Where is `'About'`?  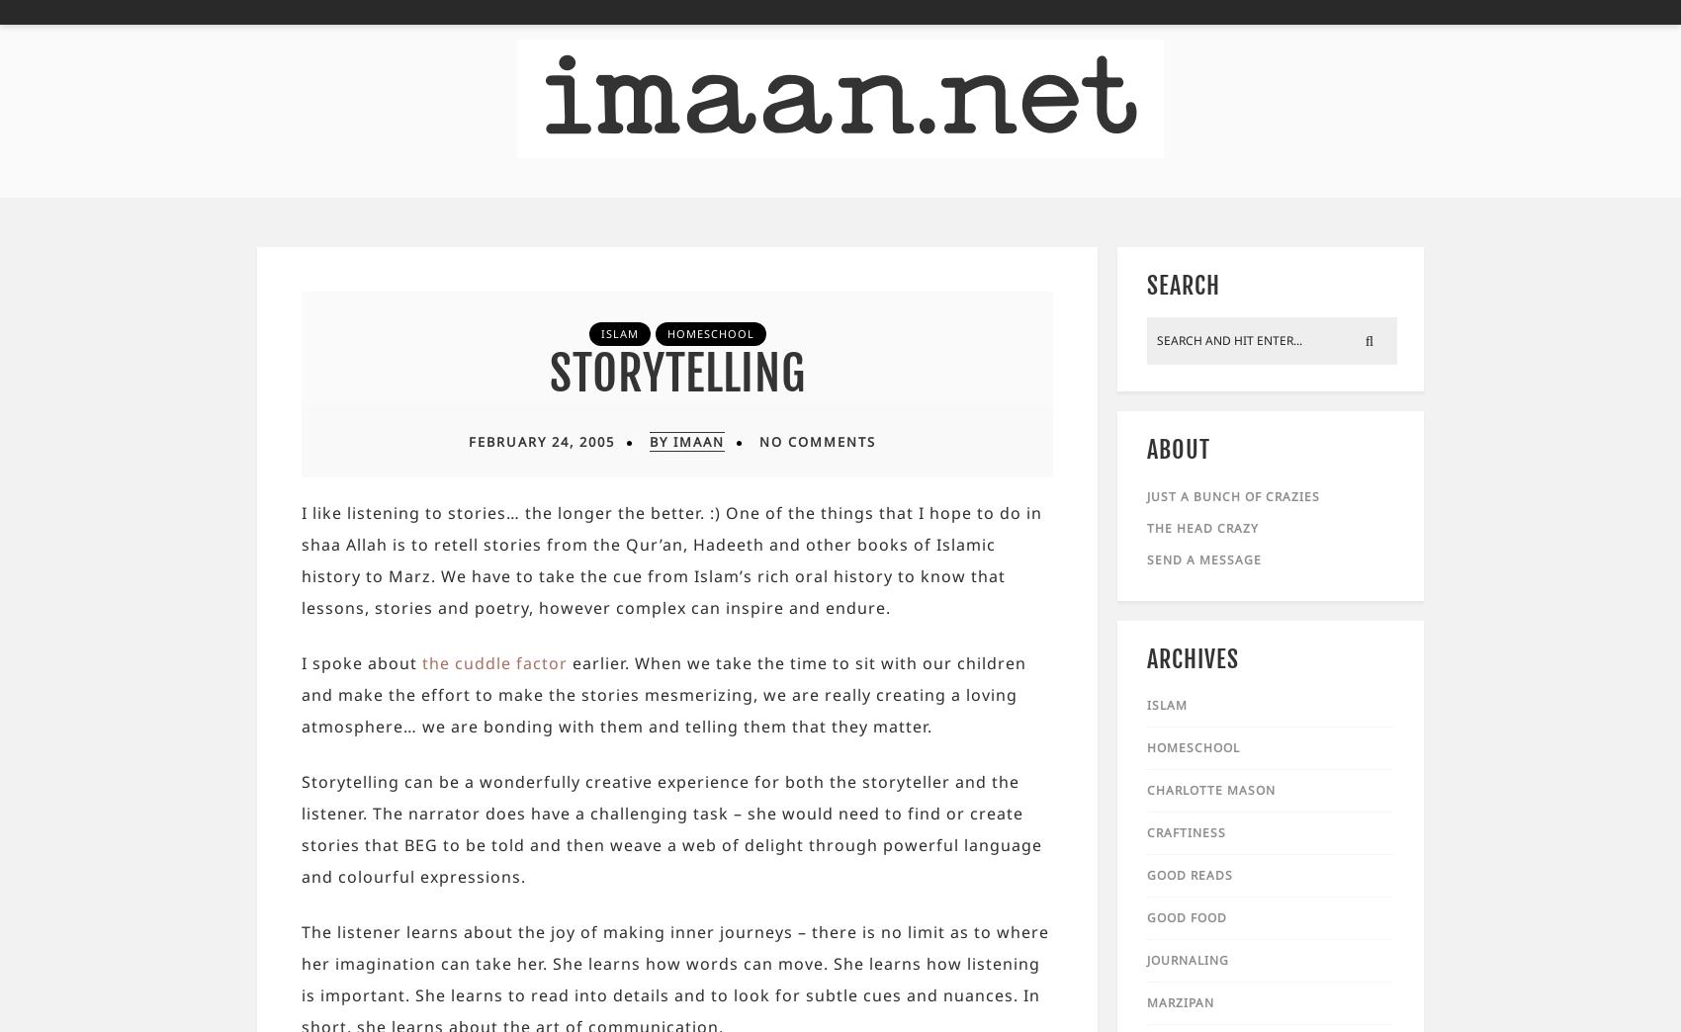 'About' is located at coordinates (1178, 448).